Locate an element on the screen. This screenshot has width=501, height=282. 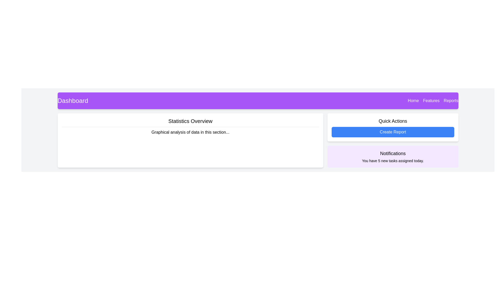
the 'Features' label in the navigation menu, which is displayed in white font on a purple background and positioned between 'Home' and 'Reports' is located at coordinates (431, 101).